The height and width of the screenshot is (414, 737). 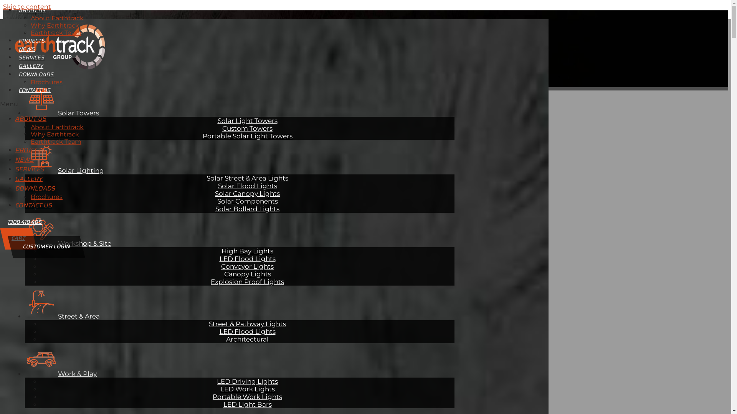 I want to click on 'Architectural', so click(x=247, y=338).